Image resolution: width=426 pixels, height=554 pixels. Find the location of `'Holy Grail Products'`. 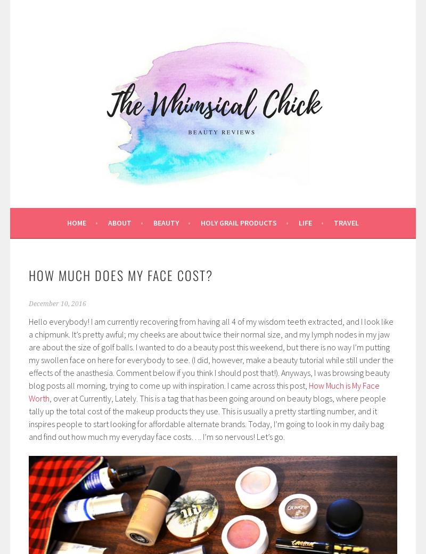

'Holy Grail Products' is located at coordinates (238, 222).